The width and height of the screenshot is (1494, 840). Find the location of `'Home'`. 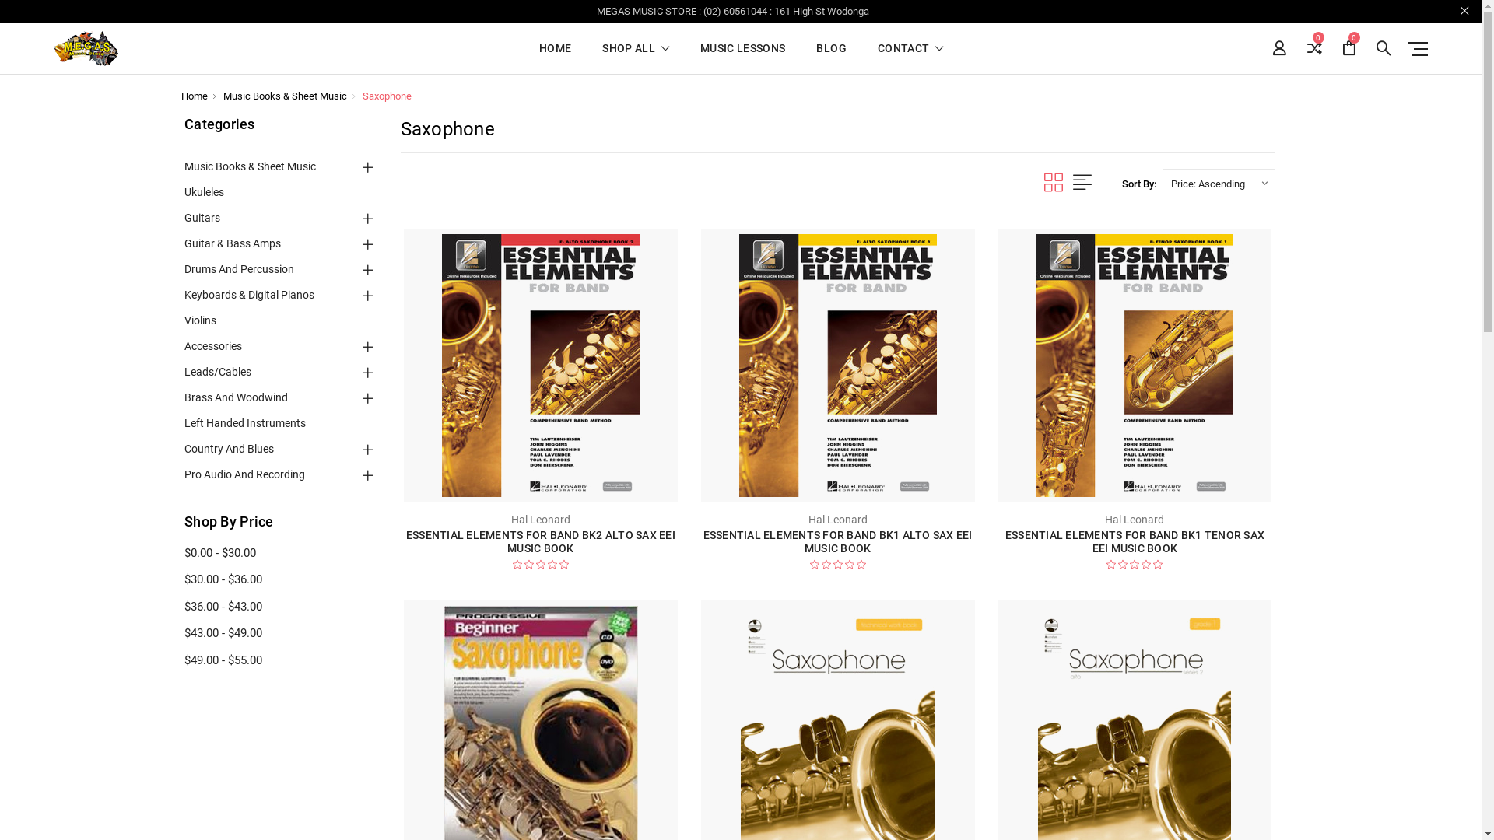

'Home' is located at coordinates (193, 96).